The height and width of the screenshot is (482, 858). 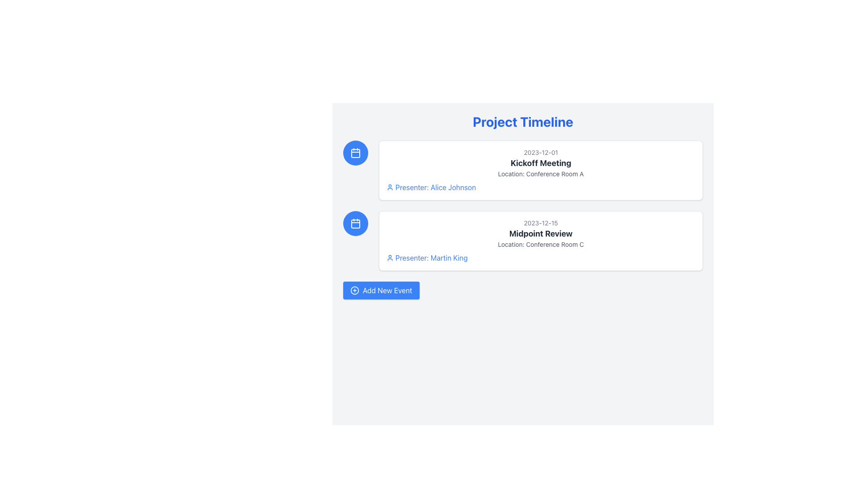 I want to click on the graphic element that represents the main display area of the calendar icon, located adjacent to the text '2023-12-01 Kickoff Meeting' and above the 'Add New Event' button, so click(x=355, y=153).